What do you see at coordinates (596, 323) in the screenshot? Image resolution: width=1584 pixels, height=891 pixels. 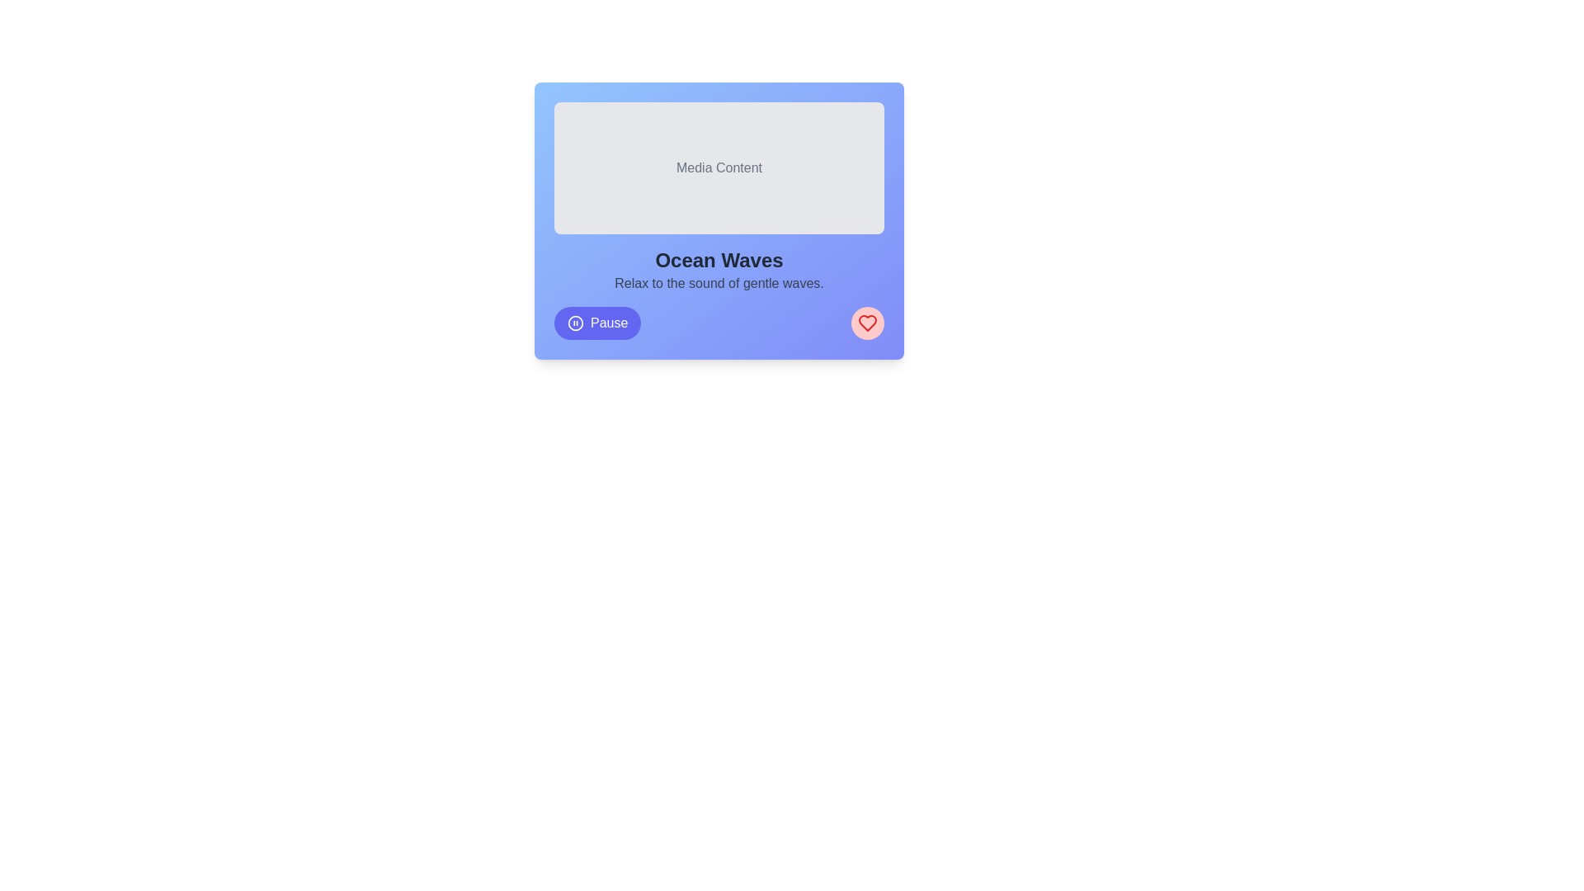 I see `the 'Pause' button, which is a rounded rectangle with a vibrant indigo background and white text` at bounding box center [596, 323].